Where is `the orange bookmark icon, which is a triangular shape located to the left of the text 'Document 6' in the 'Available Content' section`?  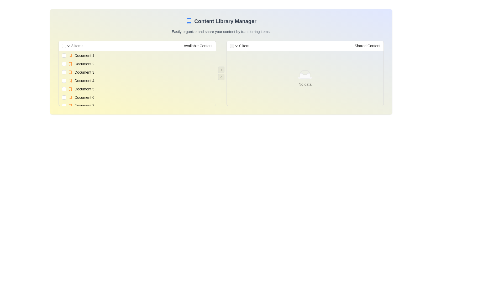 the orange bookmark icon, which is a triangular shape located to the left of the text 'Document 6' in the 'Available Content' section is located at coordinates (70, 97).